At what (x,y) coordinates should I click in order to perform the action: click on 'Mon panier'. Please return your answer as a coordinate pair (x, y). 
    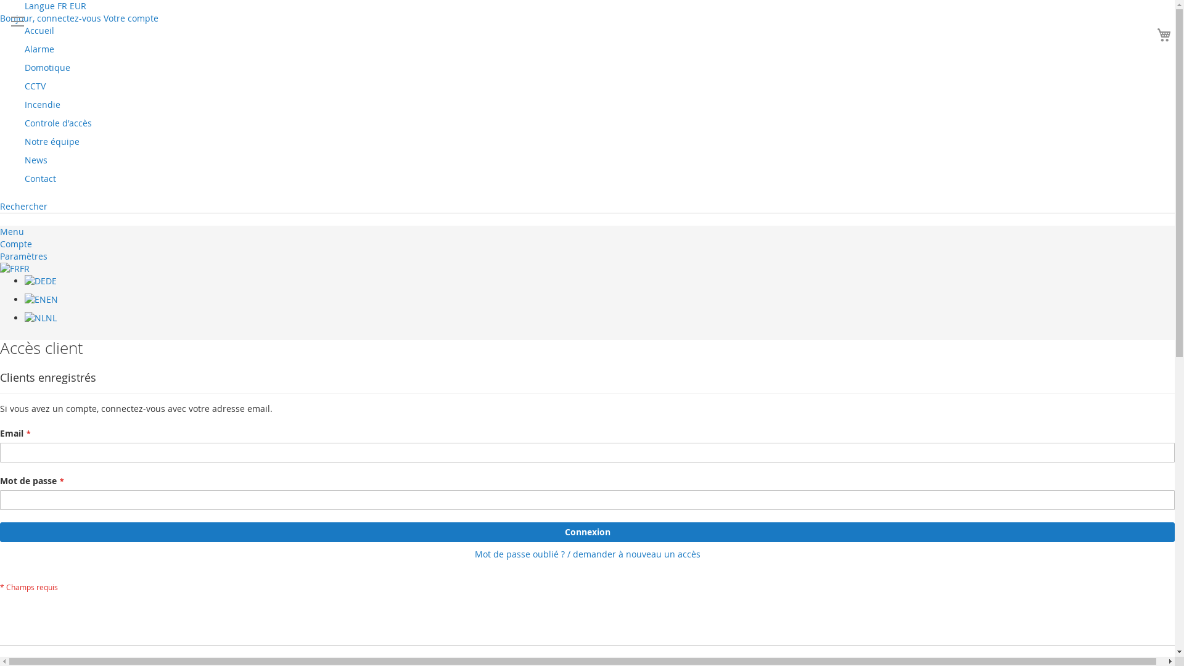
    Looking at the image, I should click on (1153, 34).